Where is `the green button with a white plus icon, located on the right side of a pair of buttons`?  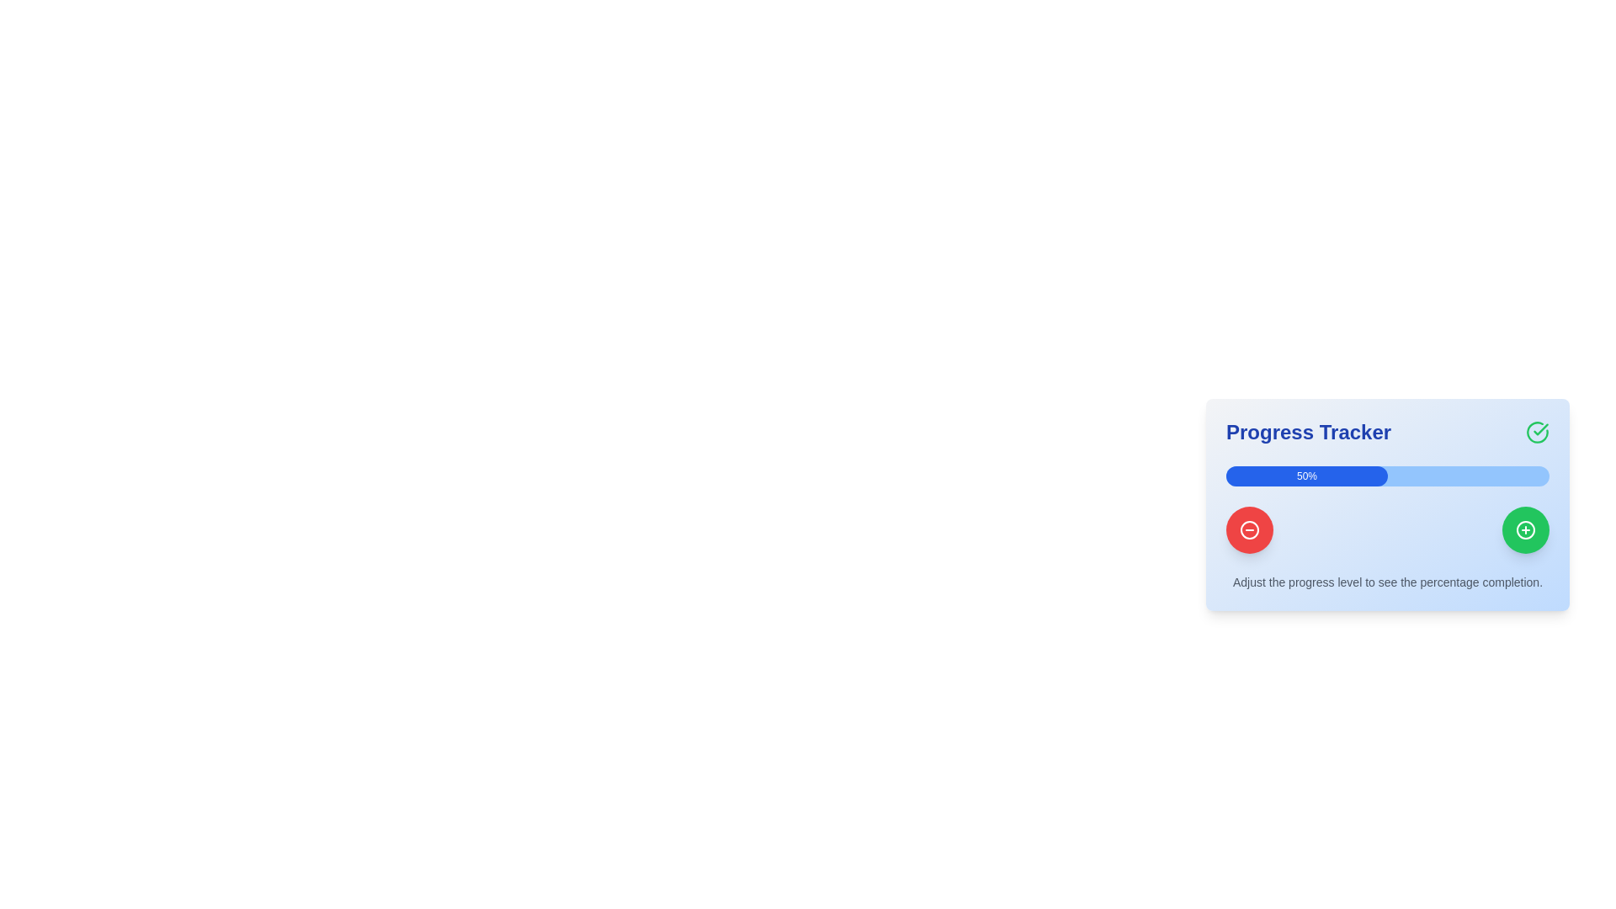
the green button with a white plus icon, located on the right side of a pair of buttons is located at coordinates (1526, 529).